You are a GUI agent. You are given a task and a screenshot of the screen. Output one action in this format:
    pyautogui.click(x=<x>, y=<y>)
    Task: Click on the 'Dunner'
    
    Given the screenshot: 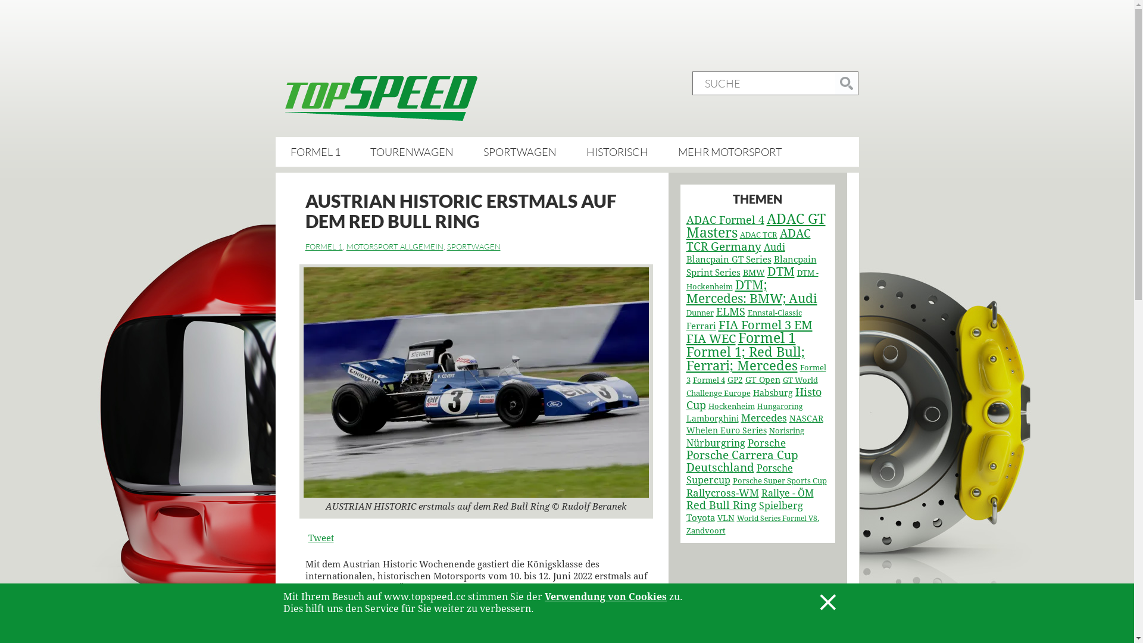 What is the action you would take?
    pyautogui.click(x=699, y=312)
    